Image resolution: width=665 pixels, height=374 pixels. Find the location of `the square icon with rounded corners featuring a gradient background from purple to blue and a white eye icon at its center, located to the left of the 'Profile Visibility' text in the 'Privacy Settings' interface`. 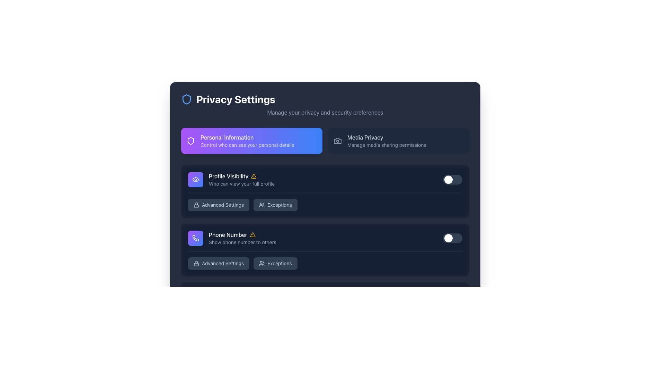

the square icon with rounded corners featuring a gradient background from purple to blue and a white eye icon at its center, located to the left of the 'Profile Visibility' text in the 'Privacy Settings' interface is located at coordinates (195, 179).